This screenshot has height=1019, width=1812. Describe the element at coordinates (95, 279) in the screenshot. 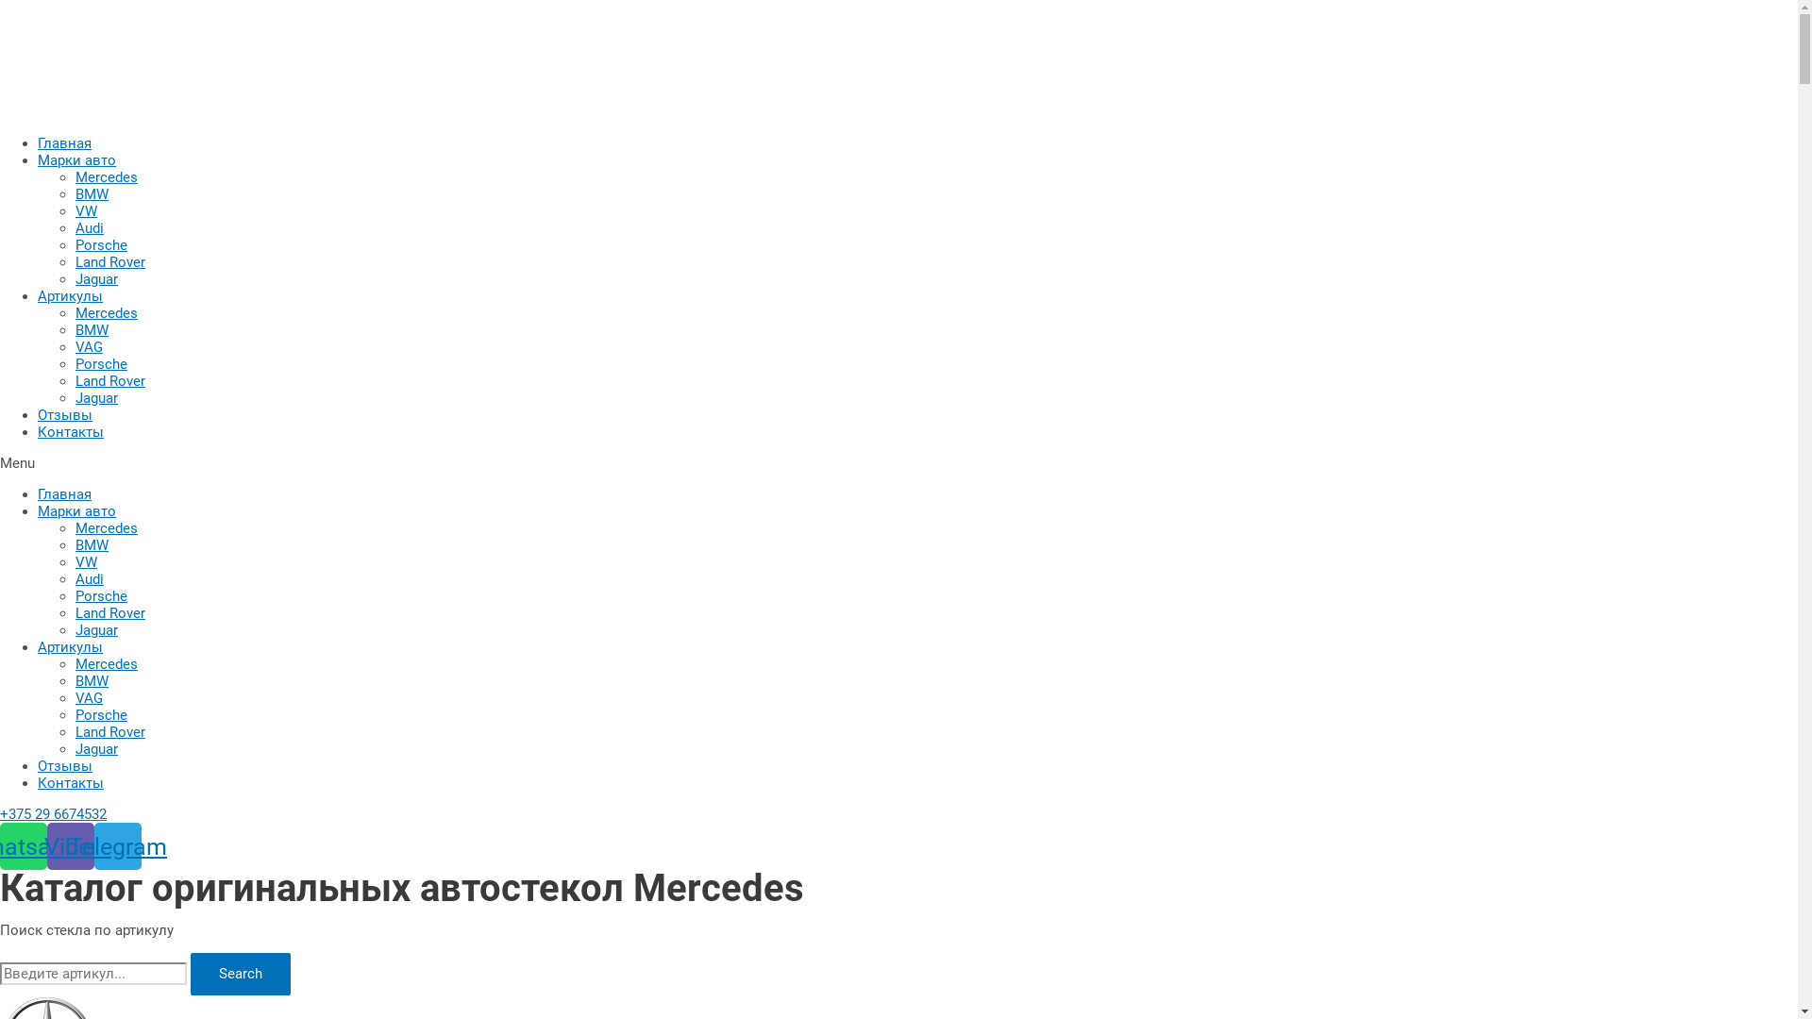

I see `'Jaguar'` at that location.